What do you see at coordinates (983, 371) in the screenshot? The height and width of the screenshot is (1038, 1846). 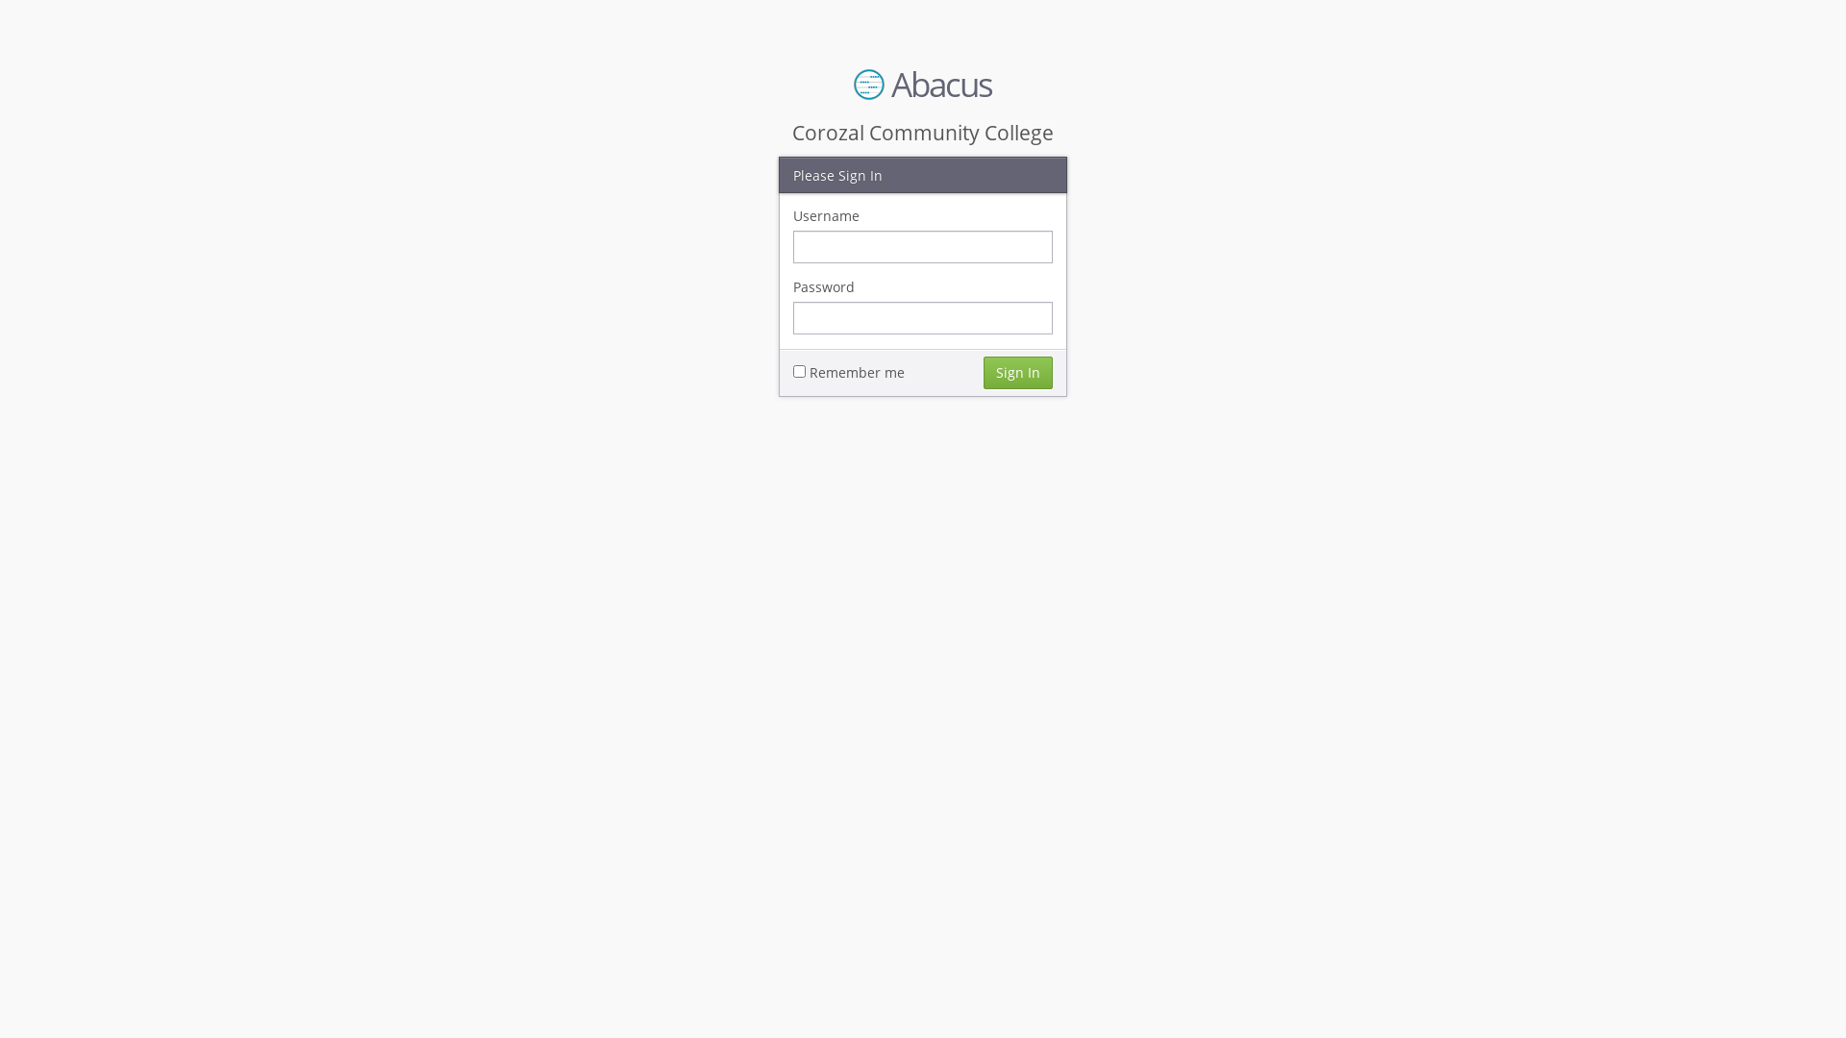 I see `'Sign In'` at bounding box center [983, 371].